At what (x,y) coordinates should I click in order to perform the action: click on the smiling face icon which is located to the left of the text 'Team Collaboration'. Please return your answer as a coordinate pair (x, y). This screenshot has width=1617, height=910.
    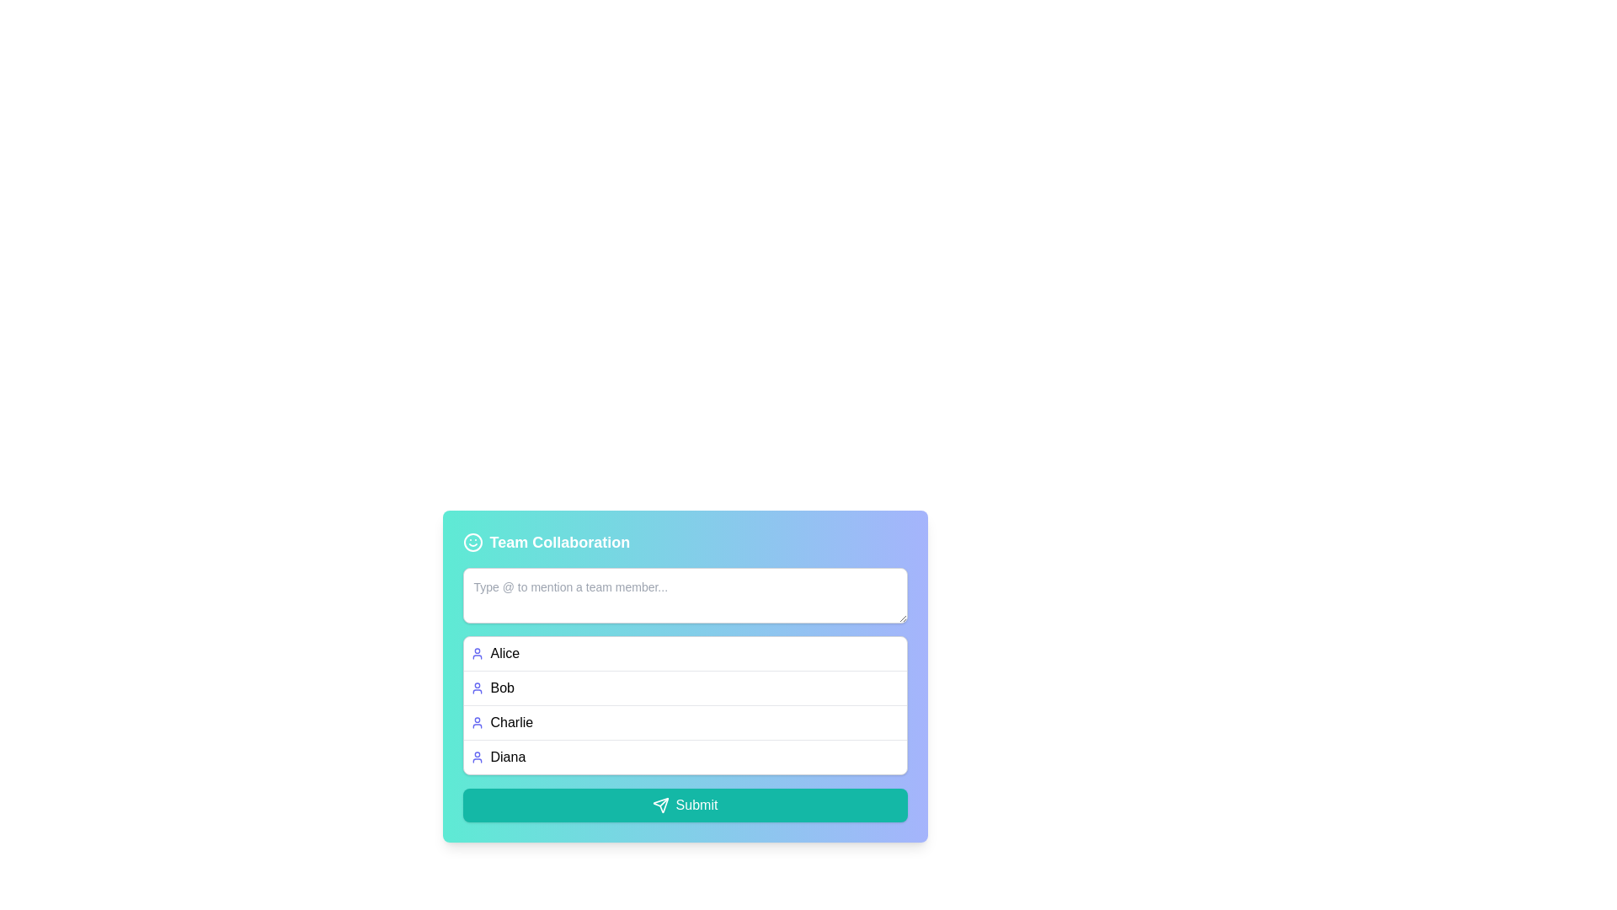
    Looking at the image, I should click on (472, 543).